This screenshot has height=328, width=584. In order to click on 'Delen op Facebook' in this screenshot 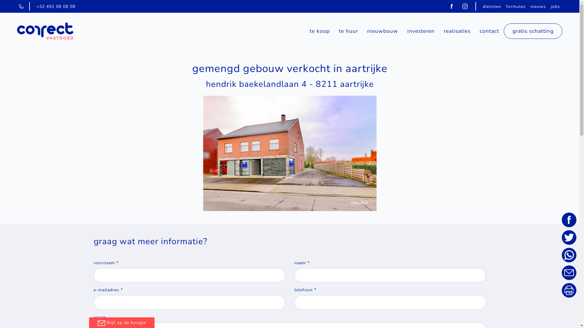, I will do `click(569, 220)`.